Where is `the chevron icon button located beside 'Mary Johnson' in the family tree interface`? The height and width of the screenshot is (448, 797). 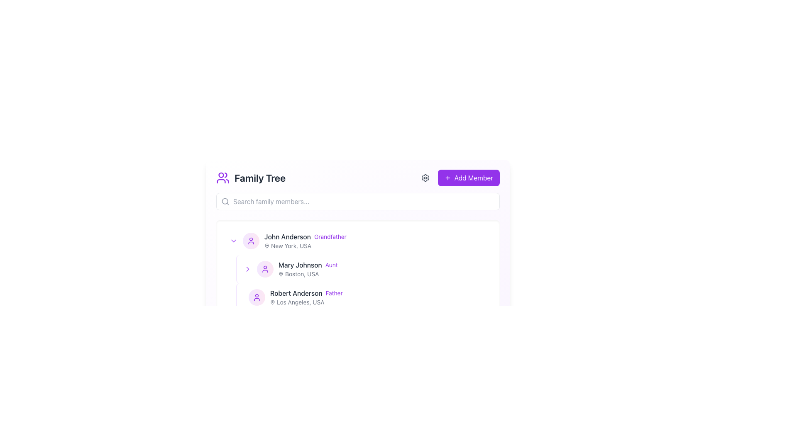 the chevron icon button located beside 'Mary Johnson' in the family tree interface is located at coordinates (247, 269).